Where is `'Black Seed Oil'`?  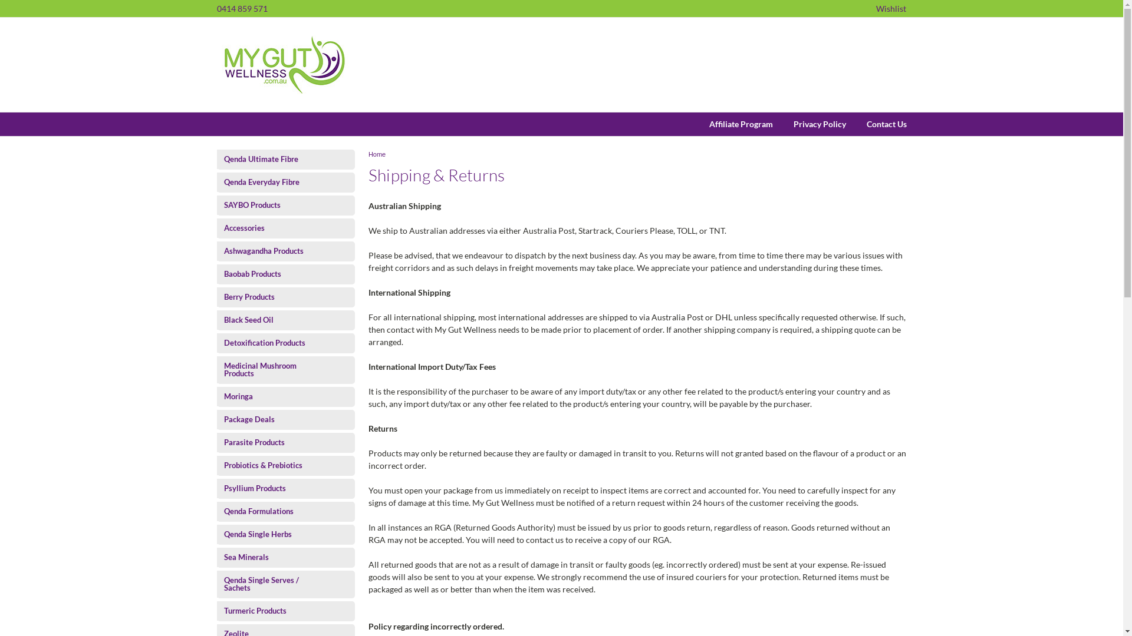 'Black Seed Oil' is located at coordinates (275, 320).